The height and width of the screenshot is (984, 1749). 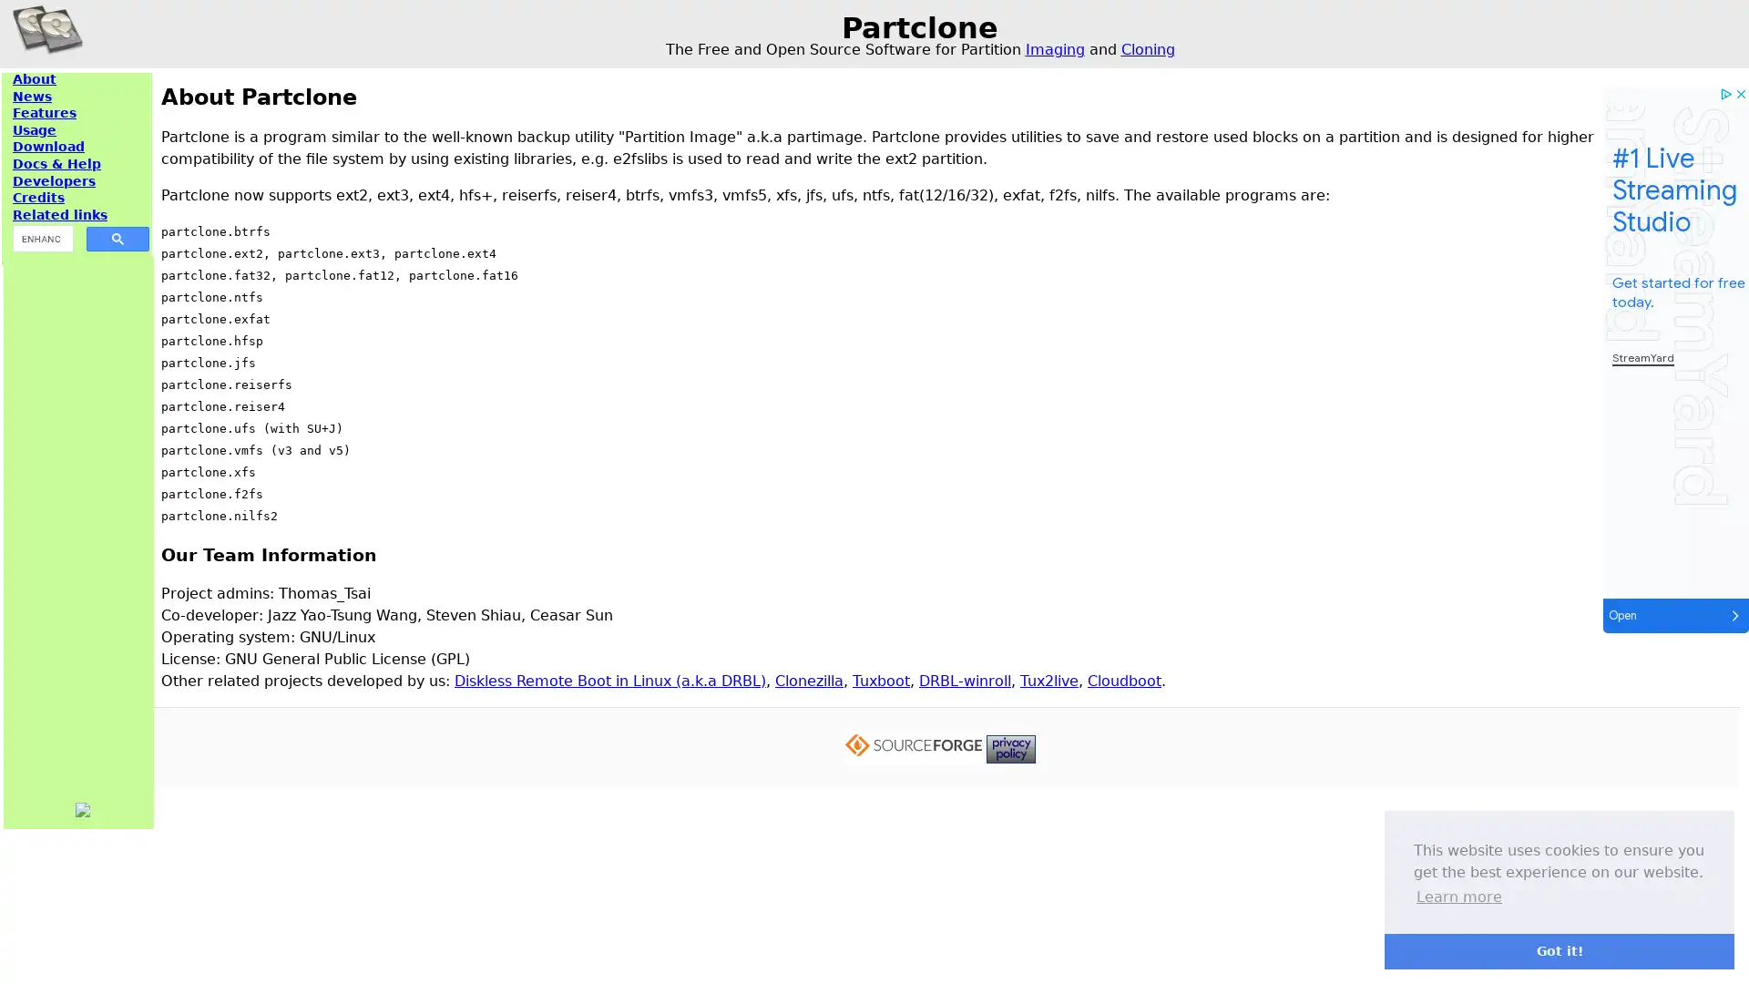 What do you see at coordinates (1459, 896) in the screenshot?
I see `learn more about cookies` at bounding box center [1459, 896].